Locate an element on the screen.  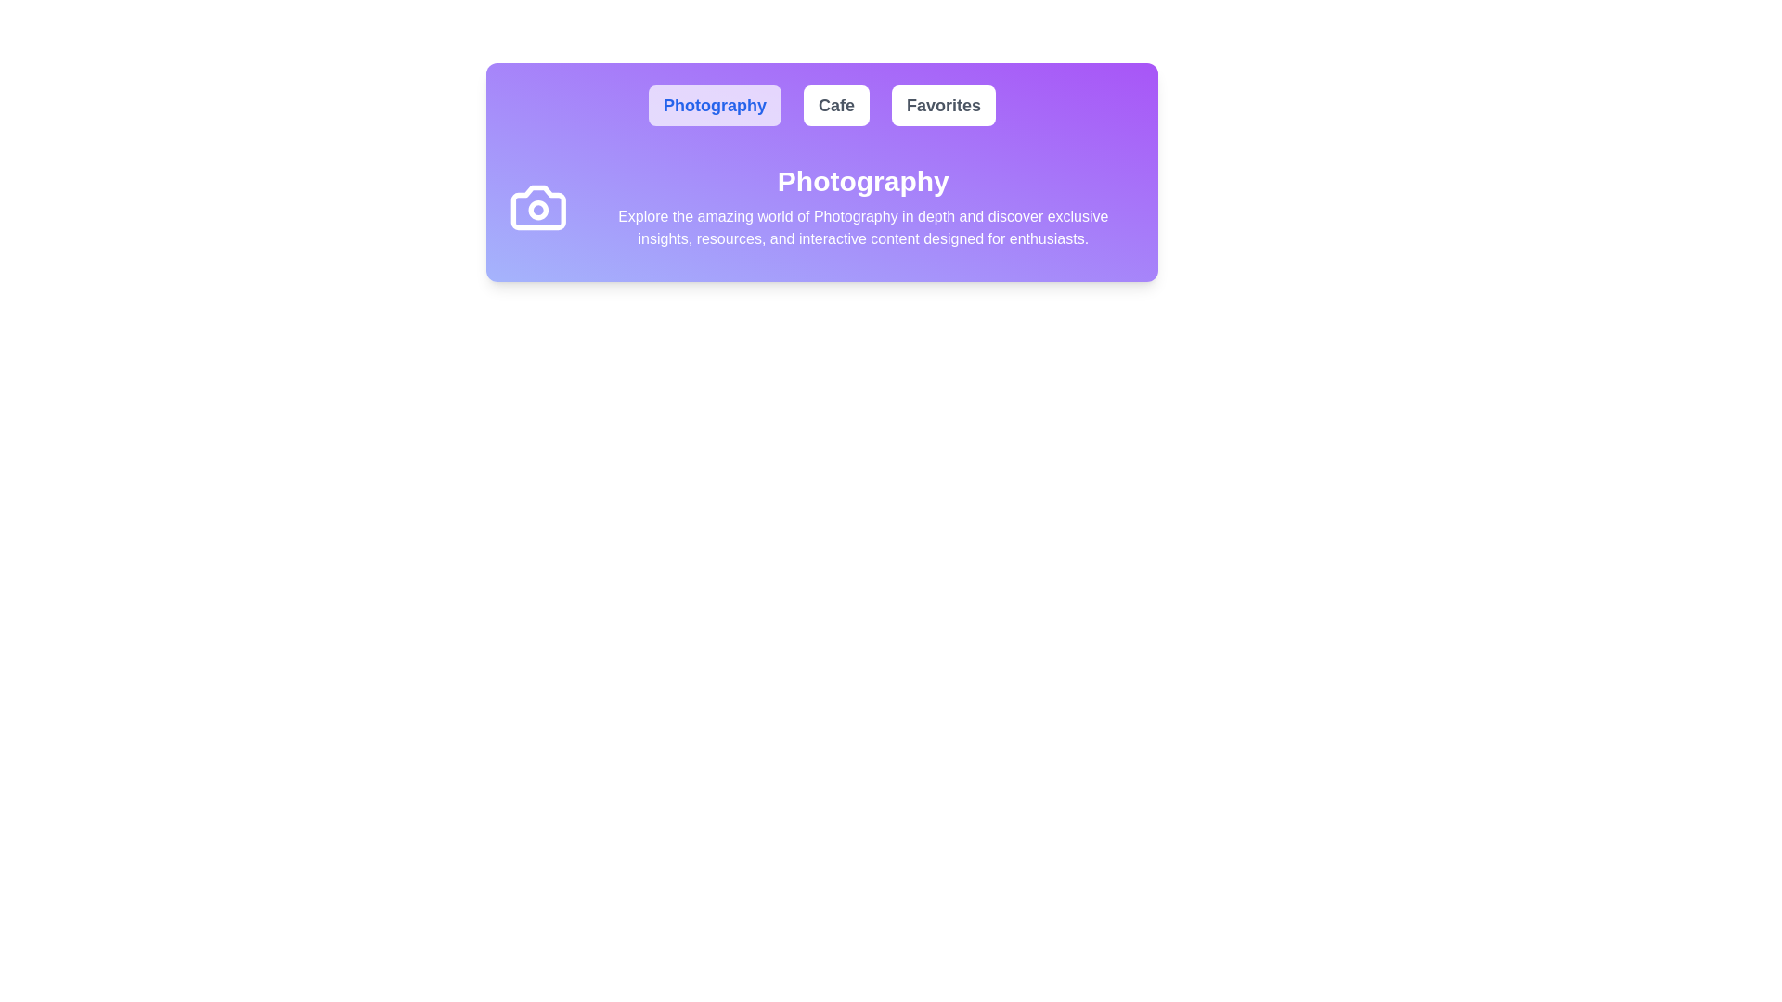
the 'Cafe' button, which has a clean white background and gray text, positioned in the upper center of the interface between 'Photography' and 'Favorites' is located at coordinates (835, 106).